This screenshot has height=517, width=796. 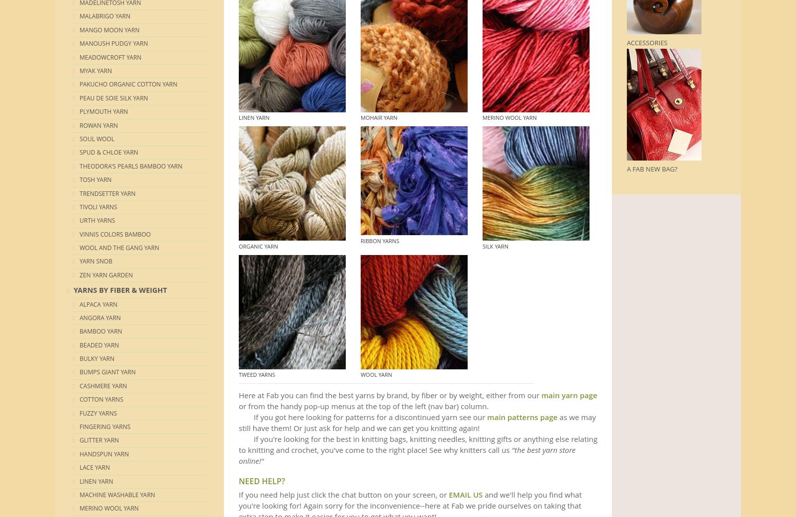 I want to click on 'Mango Moon Yarn', so click(x=109, y=29).